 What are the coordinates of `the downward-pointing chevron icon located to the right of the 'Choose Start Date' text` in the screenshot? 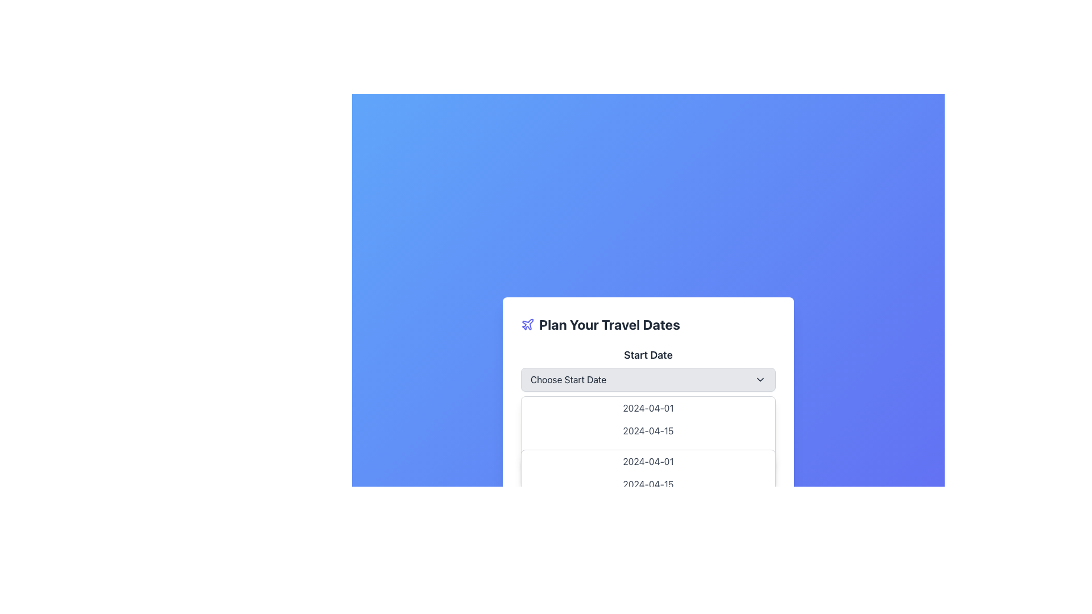 It's located at (760, 379).